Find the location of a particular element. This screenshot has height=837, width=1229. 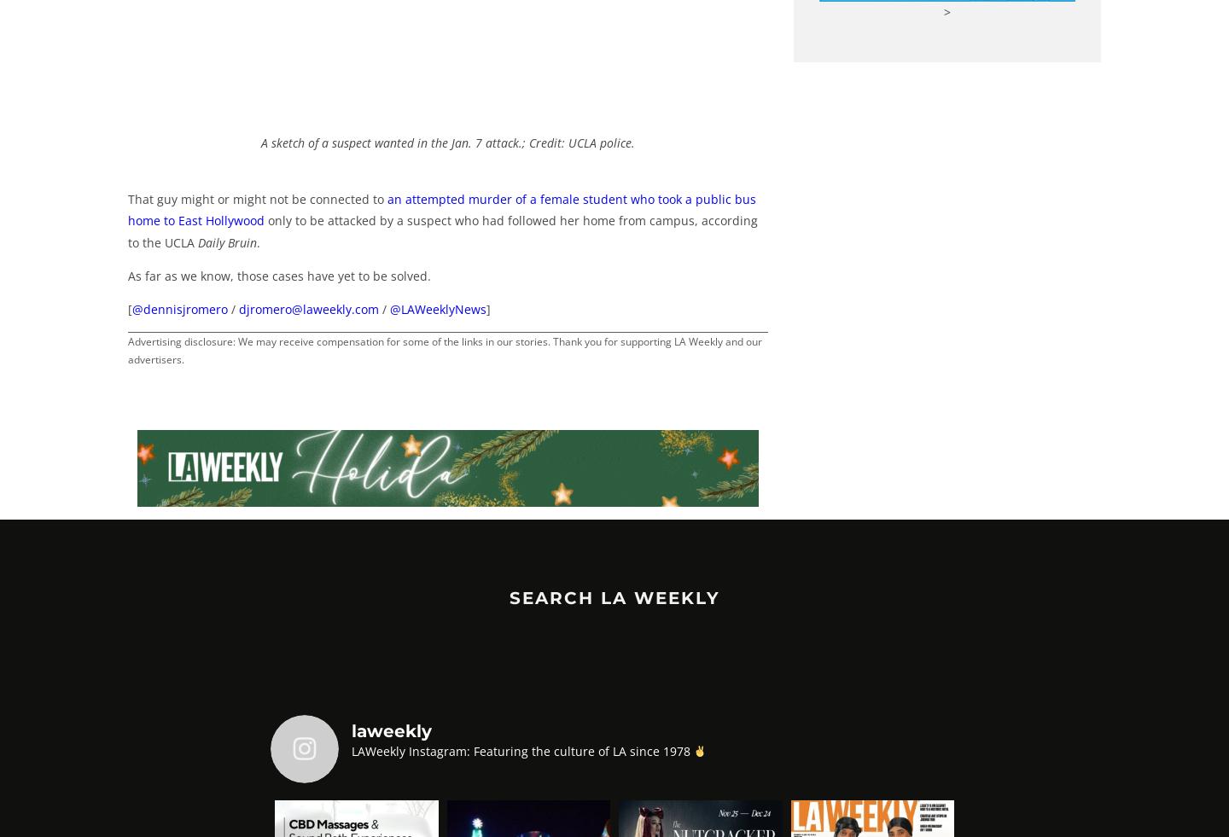

'only to be attacked by a suspect who had followed her home from campus, according to the UCLA' is located at coordinates (441, 230).